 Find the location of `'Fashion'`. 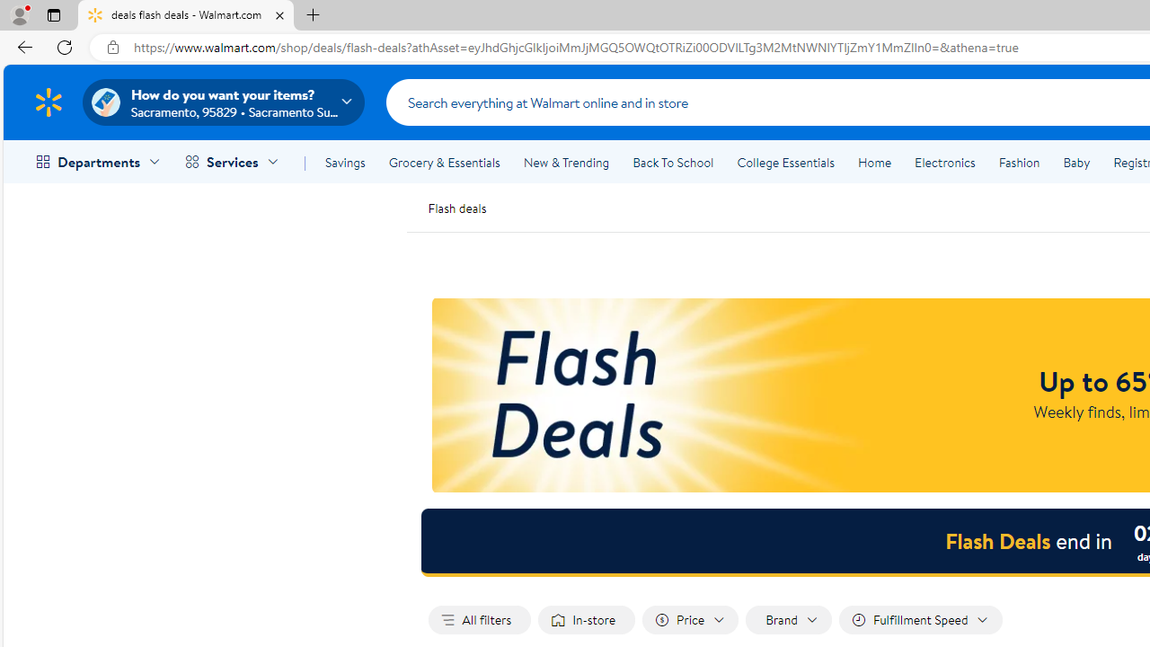

'Fashion' is located at coordinates (1019, 163).